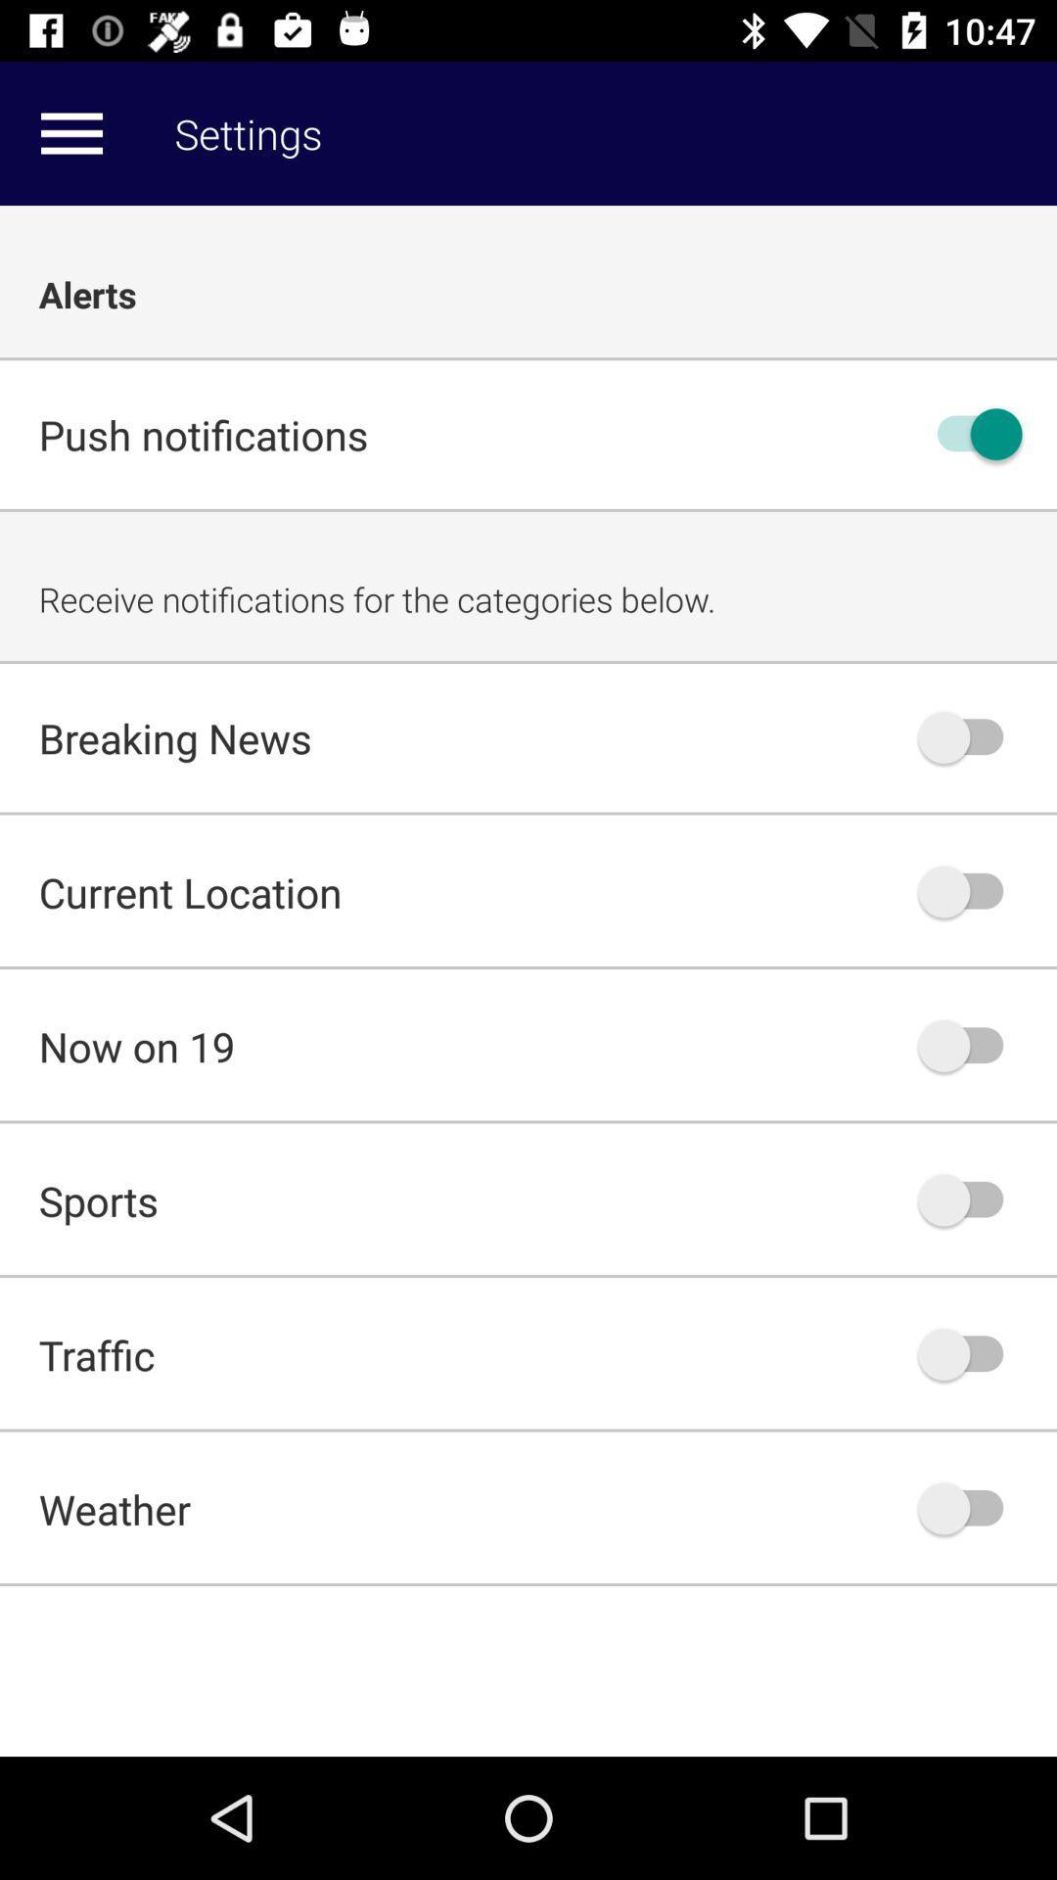  Describe the element at coordinates (970, 1507) in the screenshot. I see `weather` at that location.